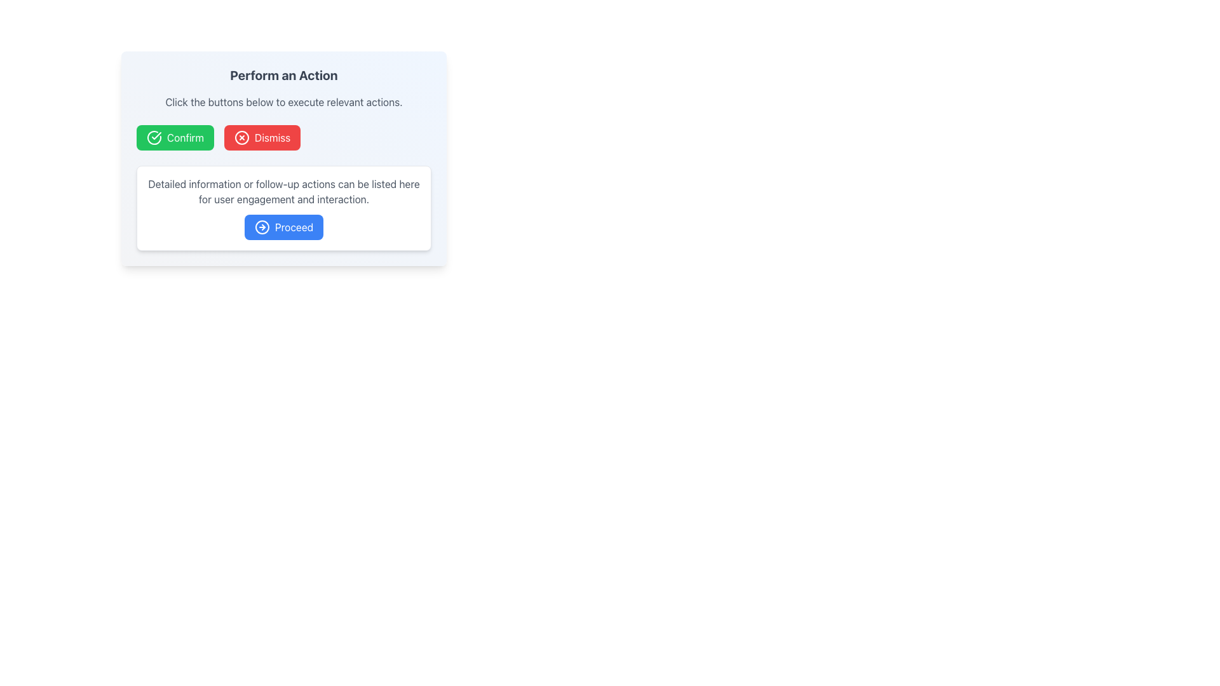 This screenshot has width=1220, height=686. I want to click on the circular outline graphic element located in the top-right corner of the modal interface, so click(241, 137).